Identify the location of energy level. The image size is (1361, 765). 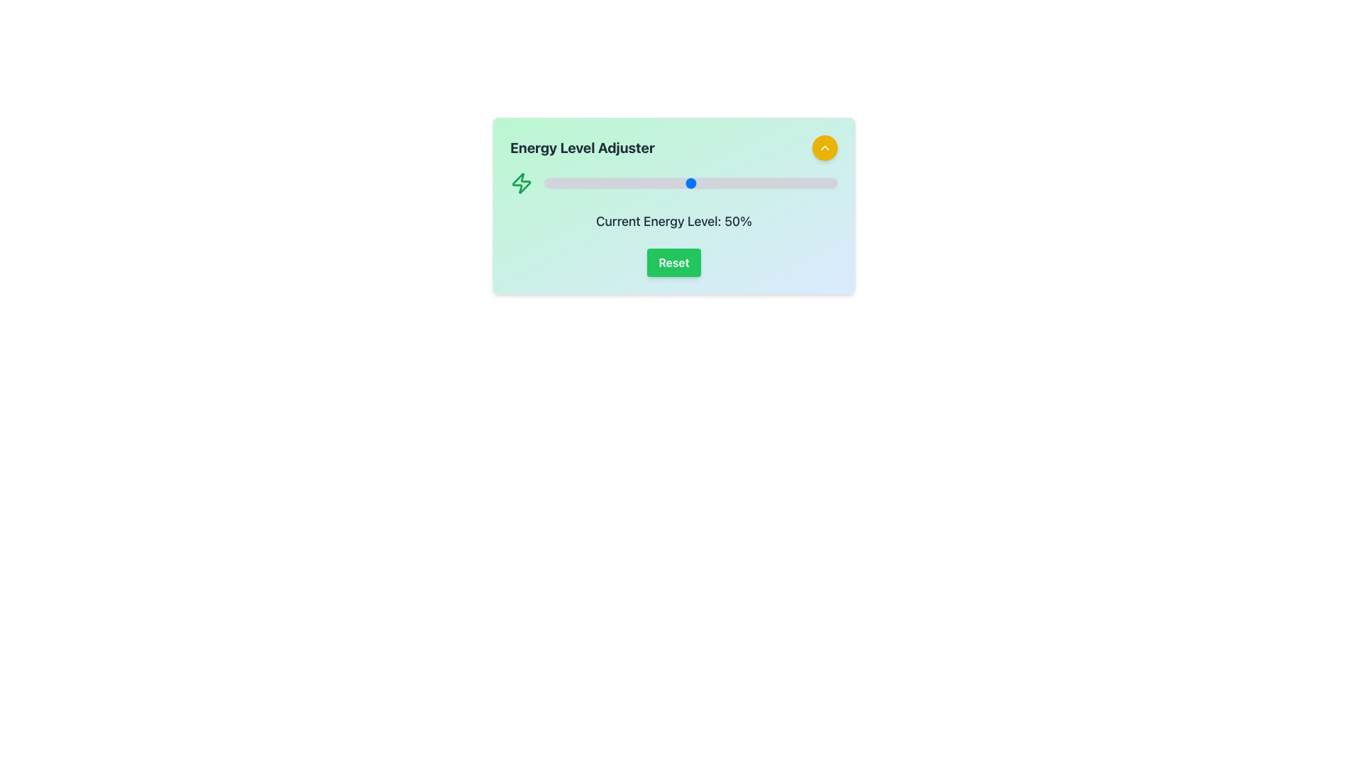
(817, 182).